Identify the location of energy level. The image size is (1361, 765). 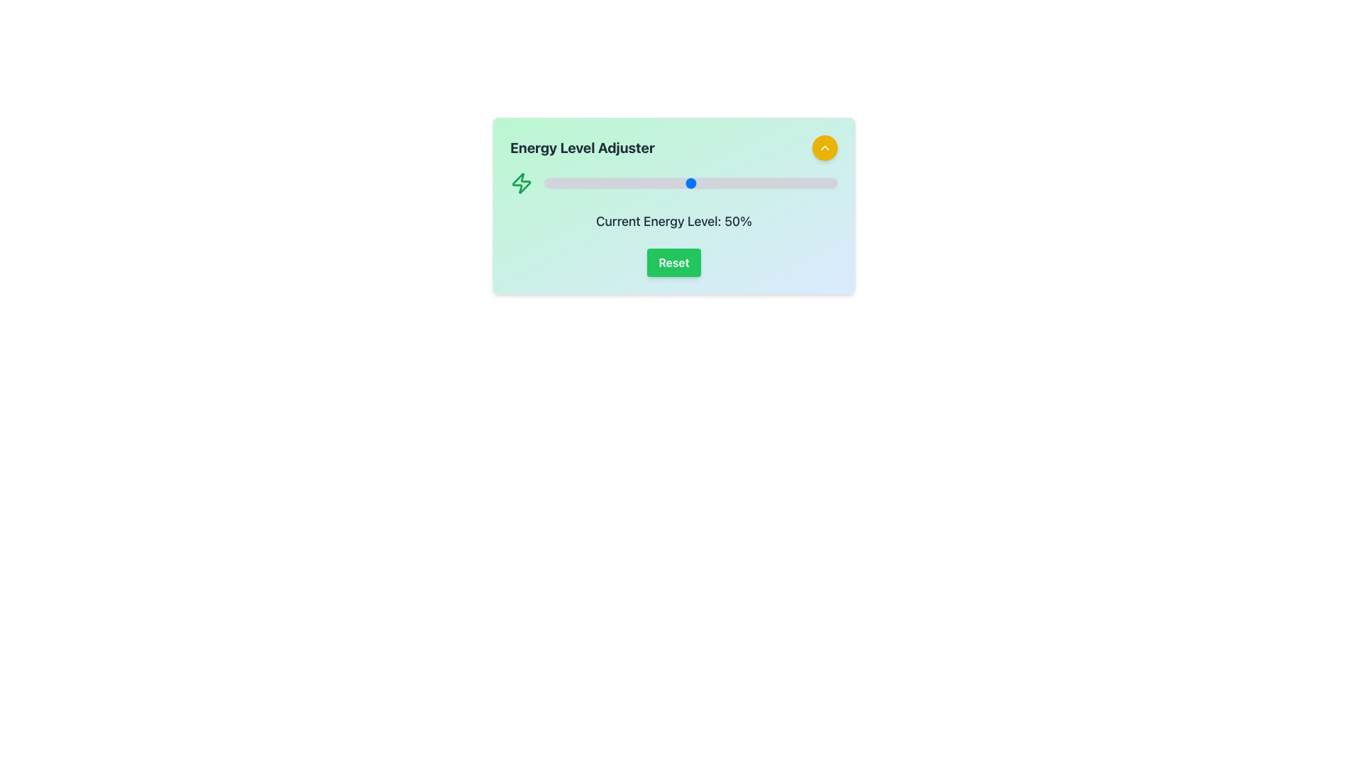
(817, 182).